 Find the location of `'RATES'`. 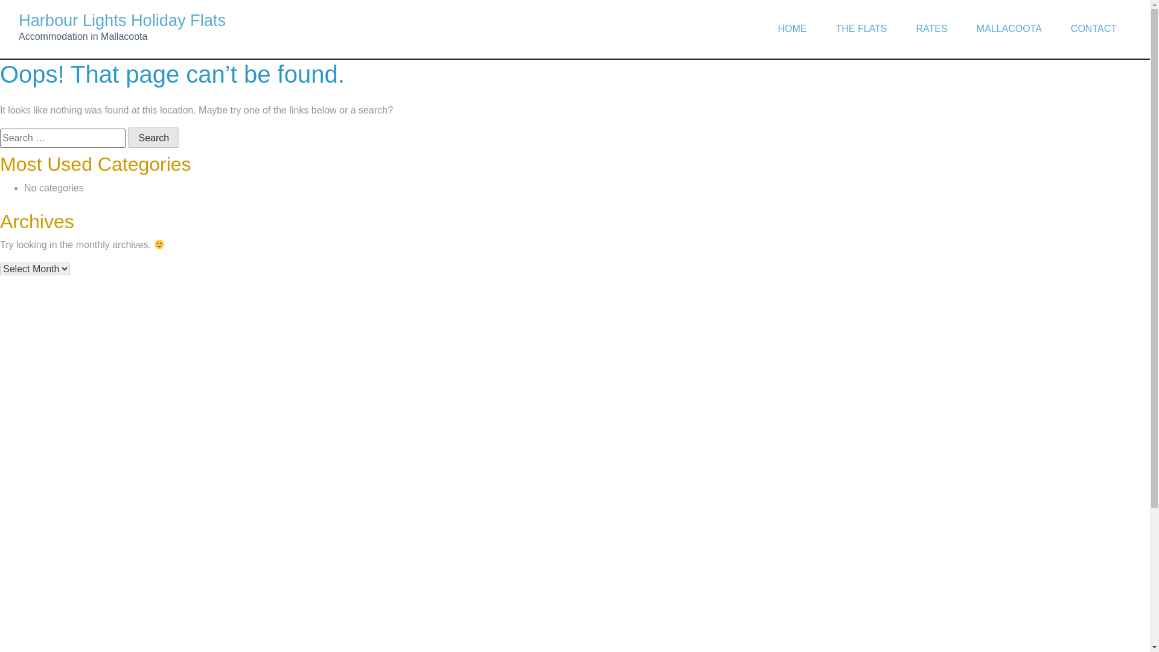

'RATES' is located at coordinates (931, 28).